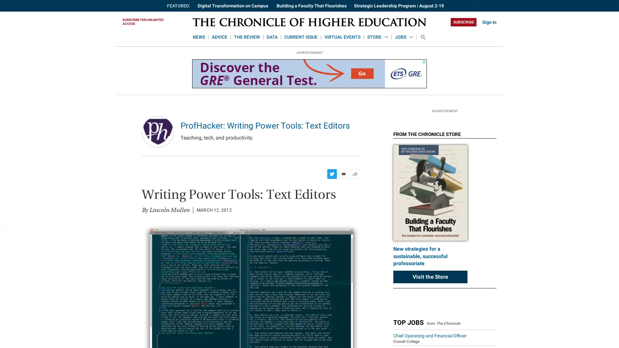  Describe the element at coordinates (386, 37) in the screenshot. I see `Open Sub Navigation` at that location.